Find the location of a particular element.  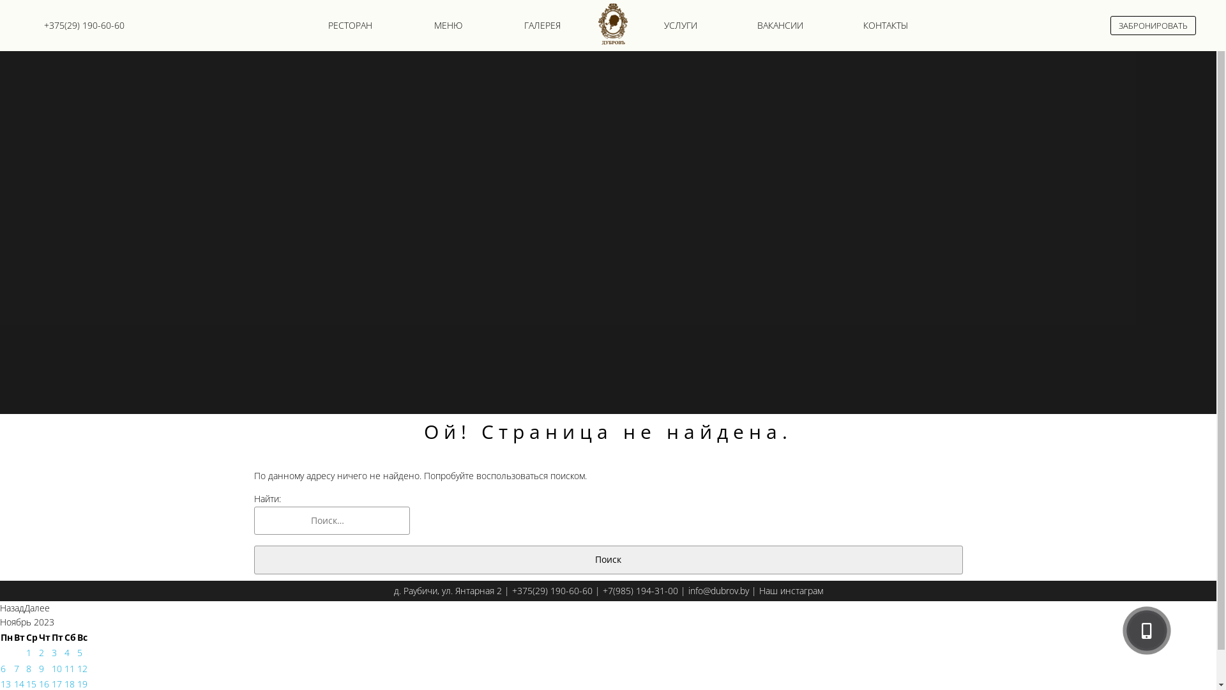

'+375(29) 190-60-60' is located at coordinates (552, 590).